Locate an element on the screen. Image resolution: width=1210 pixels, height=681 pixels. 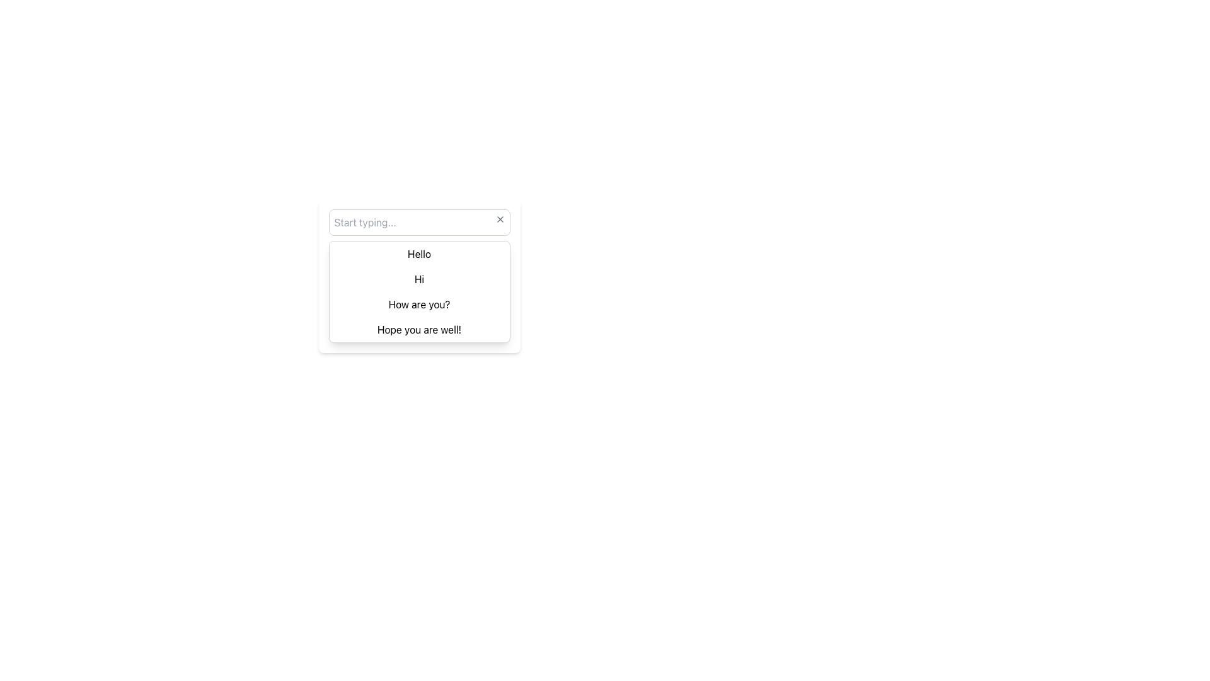
the second selectable entry 'Hi' in the dropdown menu is located at coordinates (419, 279).